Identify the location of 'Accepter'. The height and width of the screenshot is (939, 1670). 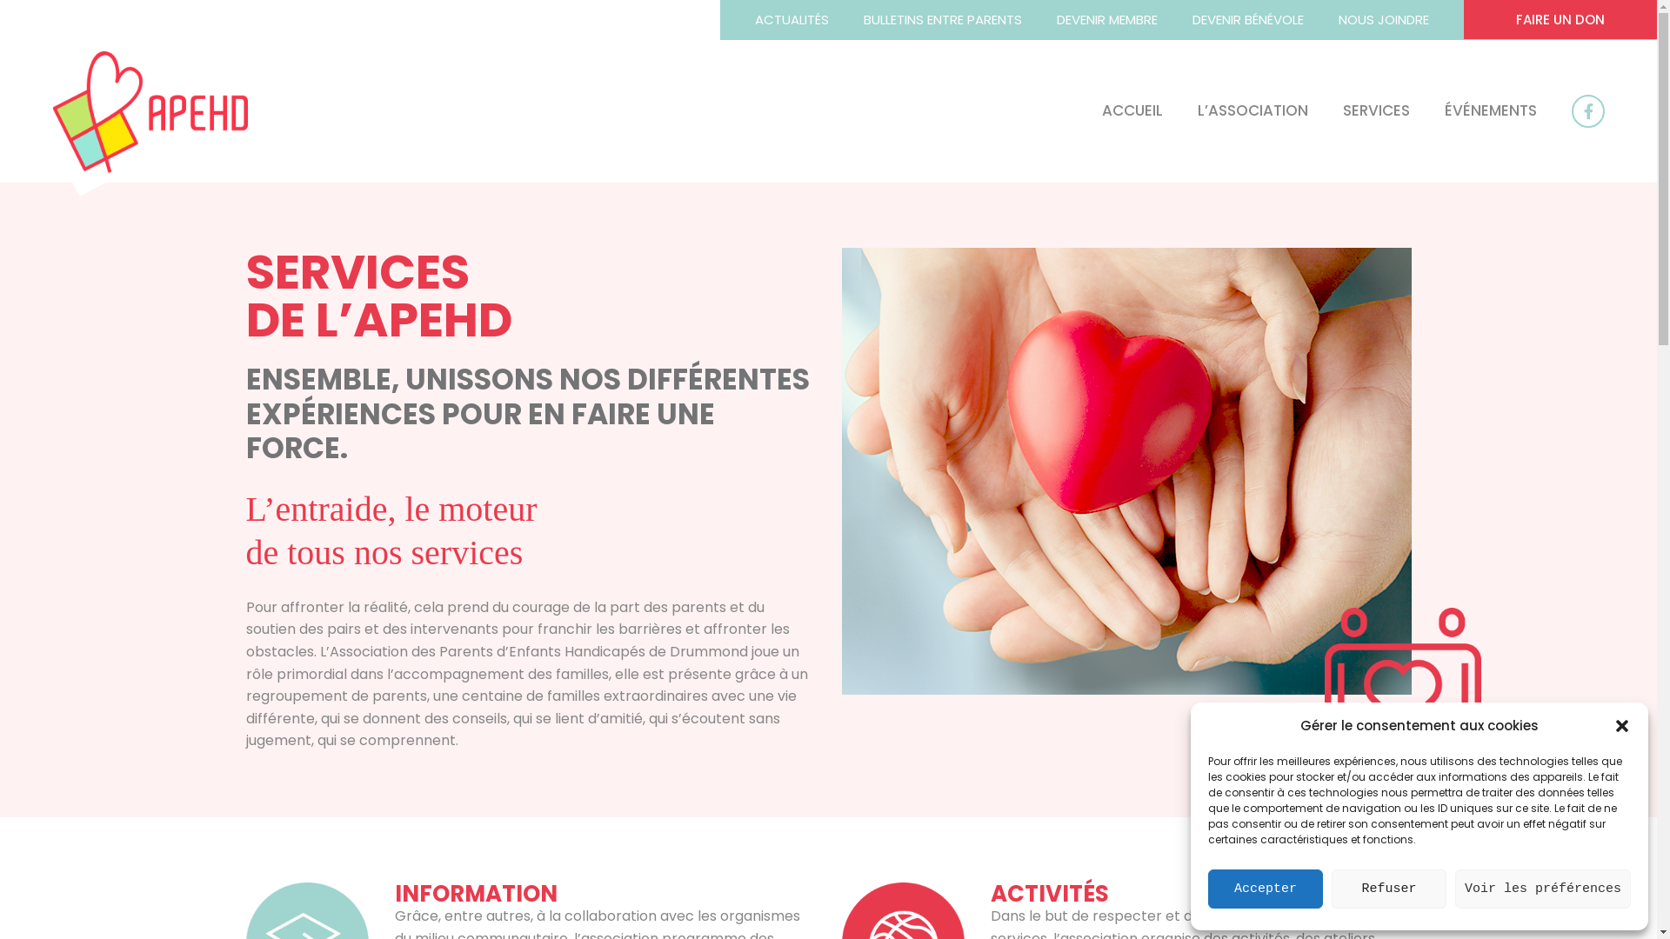
(1265, 889).